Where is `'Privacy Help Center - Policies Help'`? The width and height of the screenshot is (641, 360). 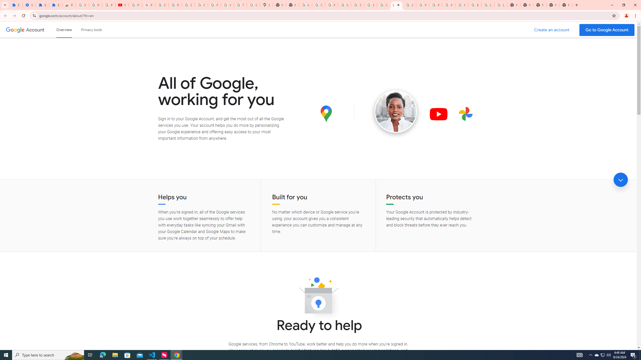
'Privacy Help Center - Policies Help' is located at coordinates (422, 5).